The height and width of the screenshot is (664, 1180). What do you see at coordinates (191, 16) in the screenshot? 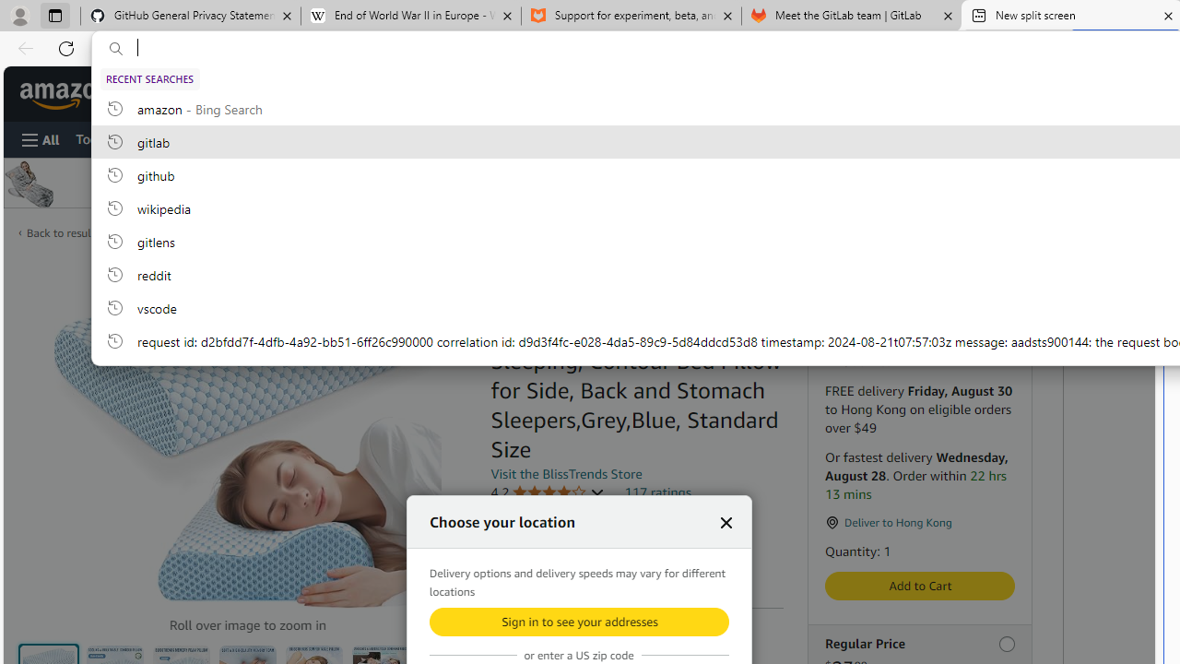
I see `'GitHub General Privacy Statement - GitHub Docs'` at bounding box center [191, 16].